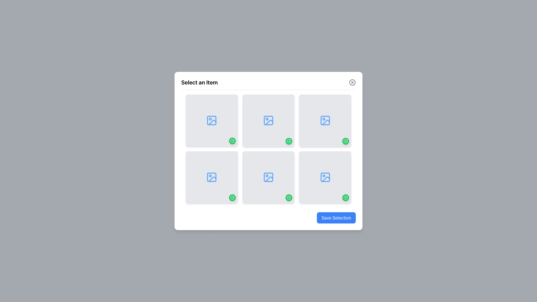  I want to click on the text label that displays 'Select an Item' in bold, larger font style located in the top-left area of the dialog box, so click(199, 82).